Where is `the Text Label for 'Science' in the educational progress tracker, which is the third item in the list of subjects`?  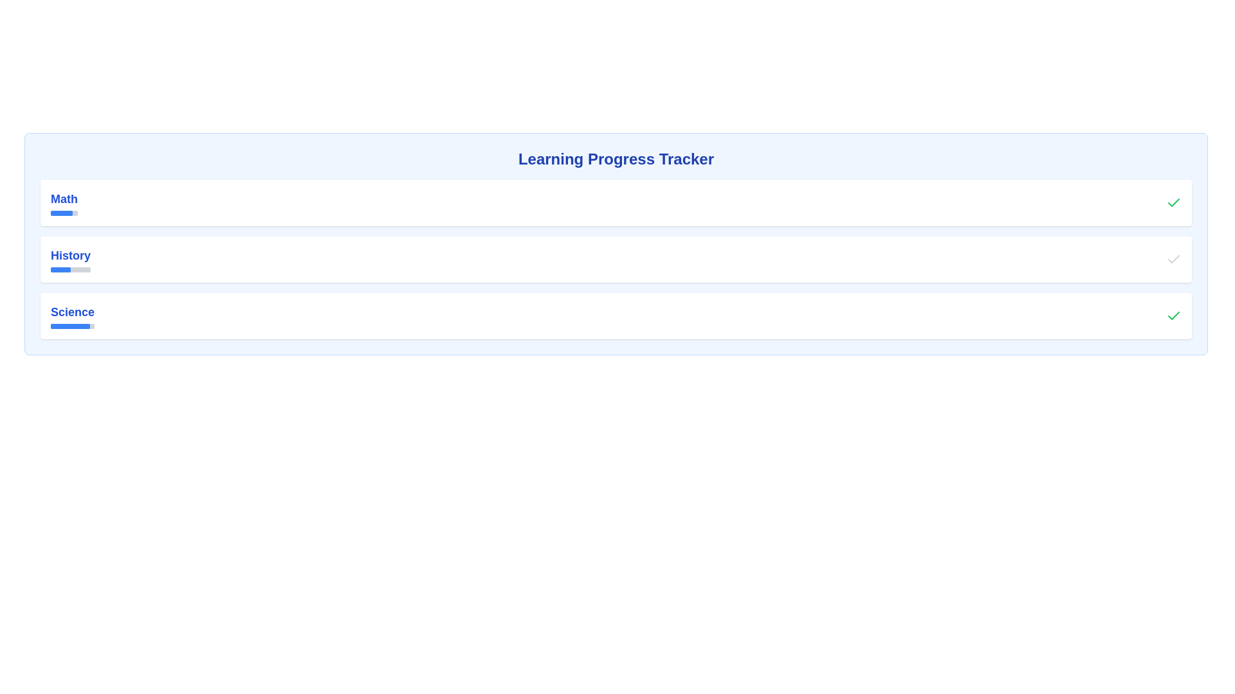
the Text Label for 'Science' in the educational progress tracker, which is the third item in the list of subjects is located at coordinates (72, 312).